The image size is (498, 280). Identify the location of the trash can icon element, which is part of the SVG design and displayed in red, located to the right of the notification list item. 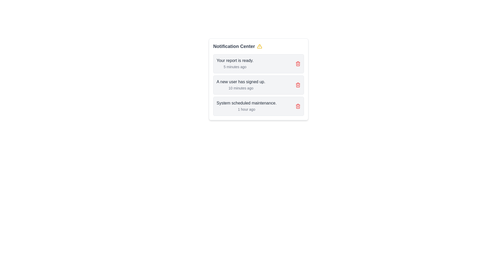
(298, 64).